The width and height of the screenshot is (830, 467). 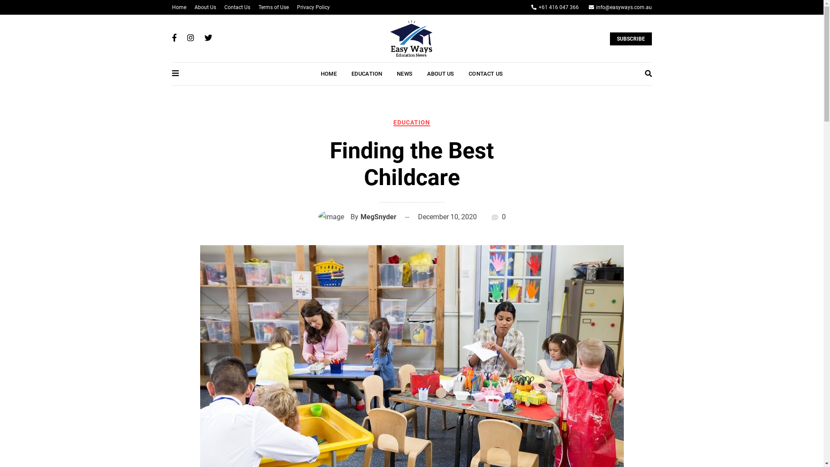 What do you see at coordinates (172, 7) in the screenshot?
I see `'Home'` at bounding box center [172, 7].